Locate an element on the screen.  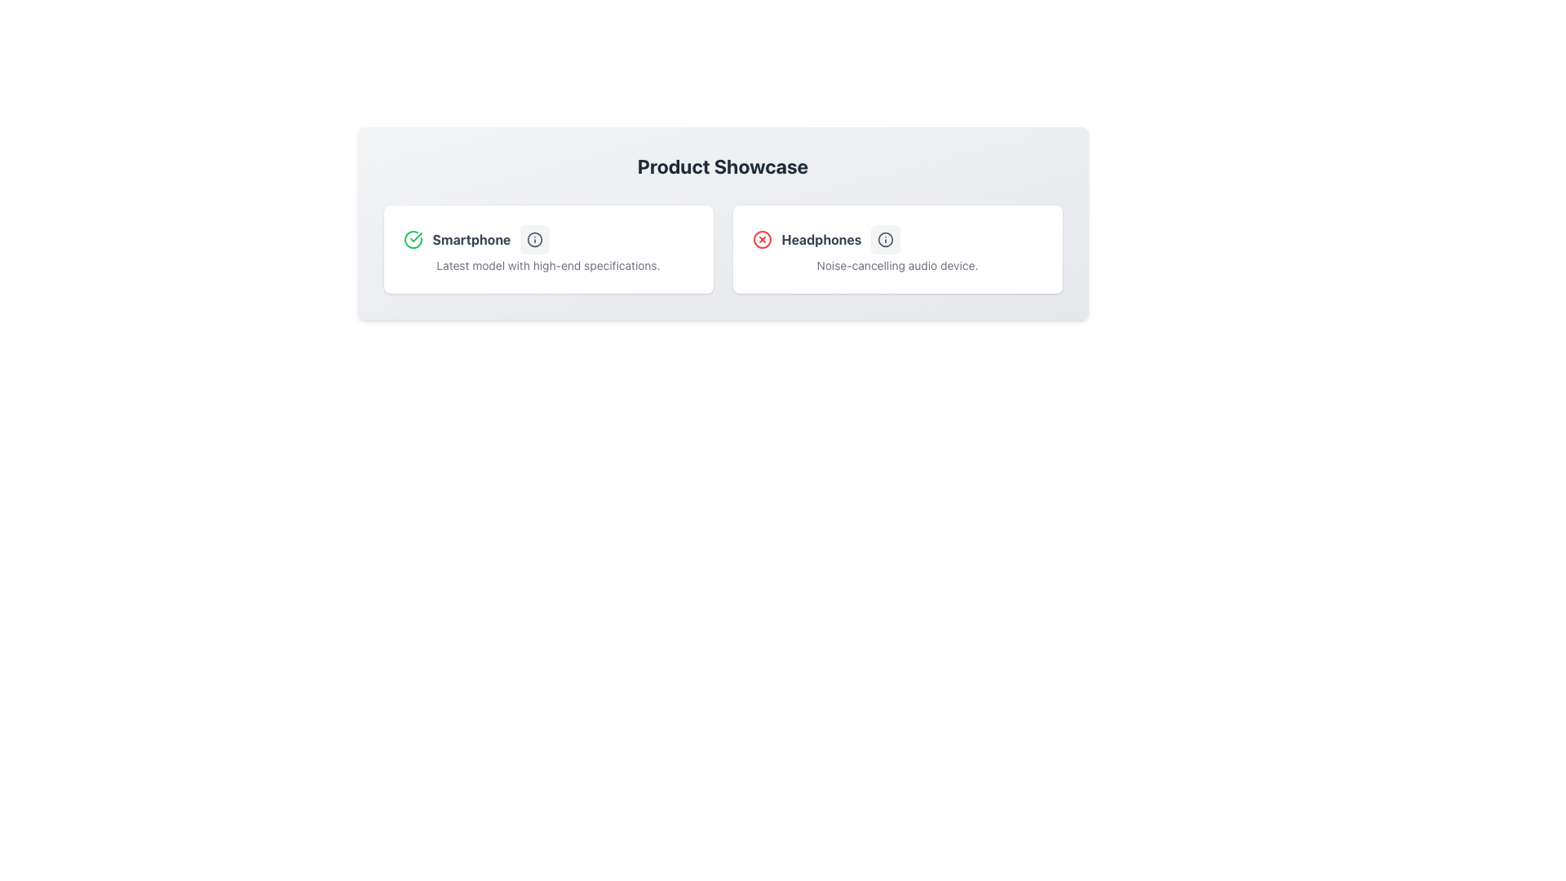
the circular information icon located to the right of the 'Headphones' title text in the right panel of the interface is located at coordinates (885, 239).